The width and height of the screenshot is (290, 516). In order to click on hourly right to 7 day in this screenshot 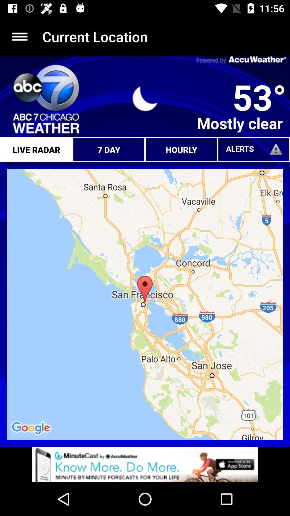, I will do `click(181, 149)`.